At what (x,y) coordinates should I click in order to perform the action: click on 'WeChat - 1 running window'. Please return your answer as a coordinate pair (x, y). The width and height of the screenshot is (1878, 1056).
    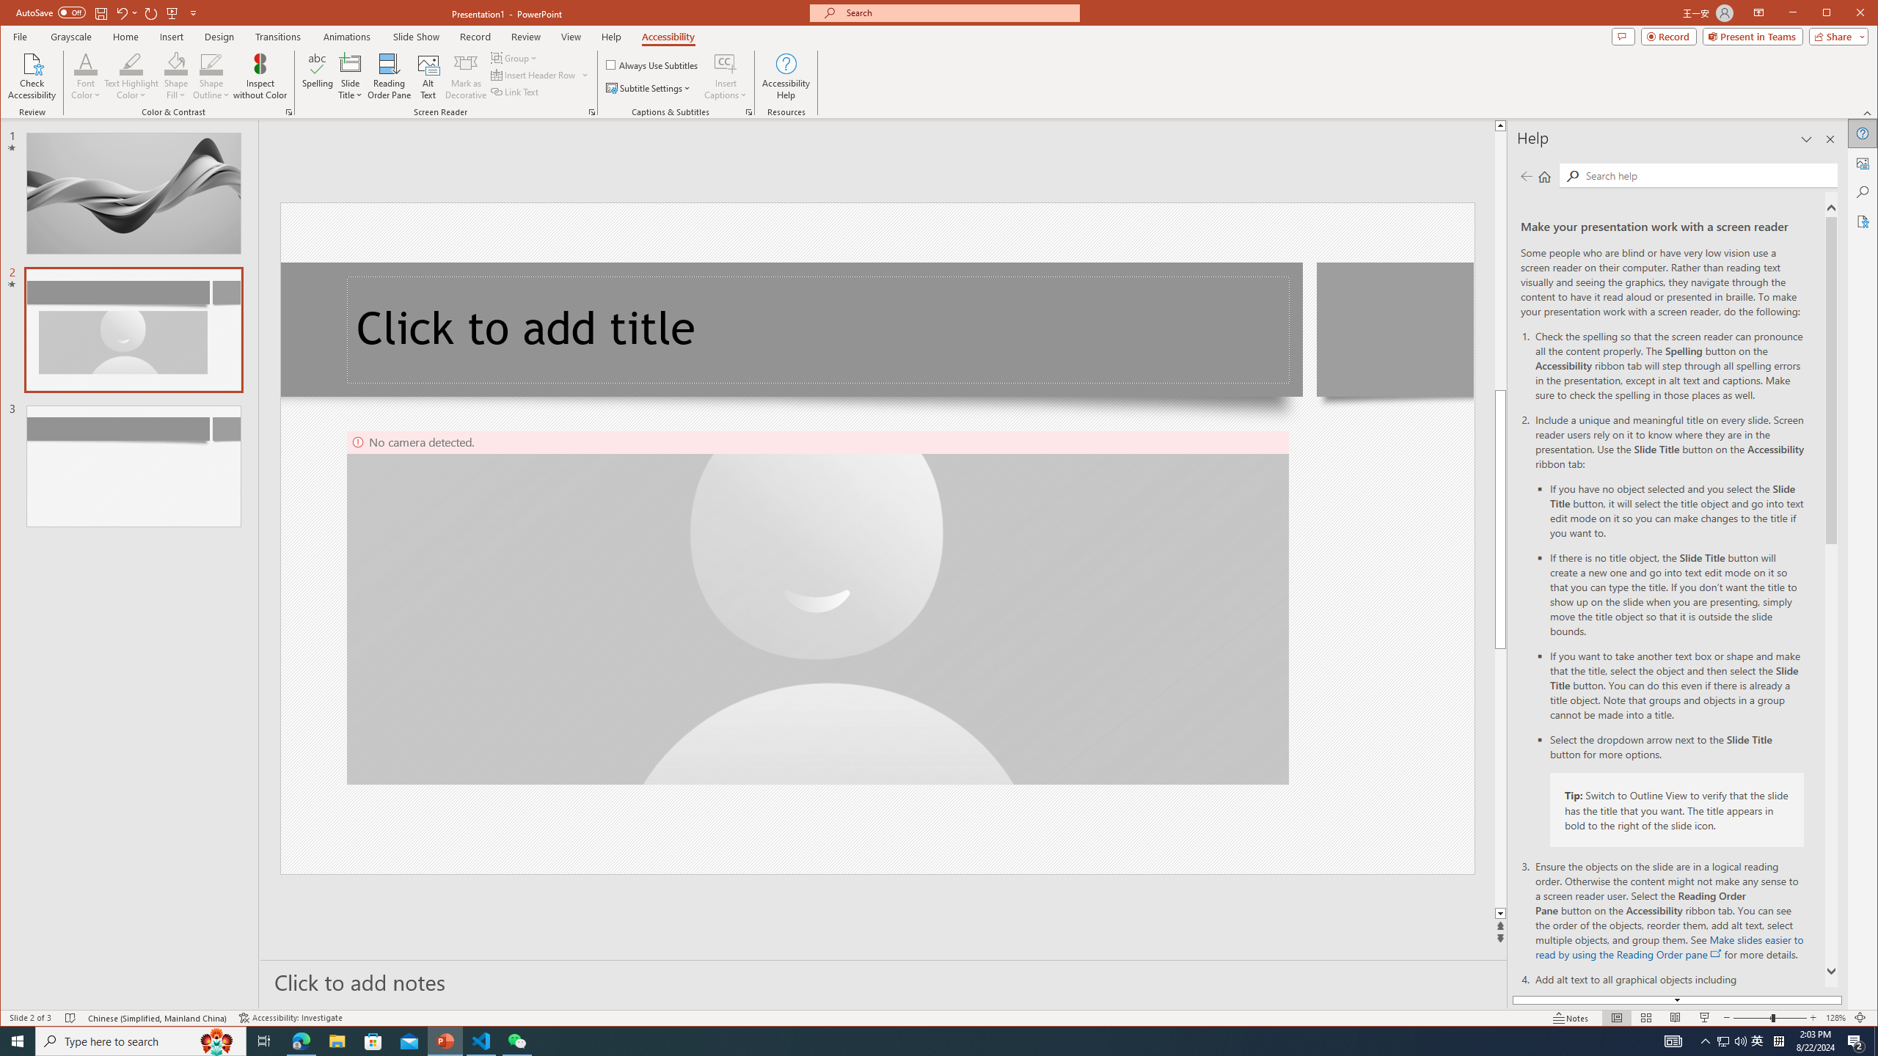
    Looking at the image, I should click on (517, 1040).